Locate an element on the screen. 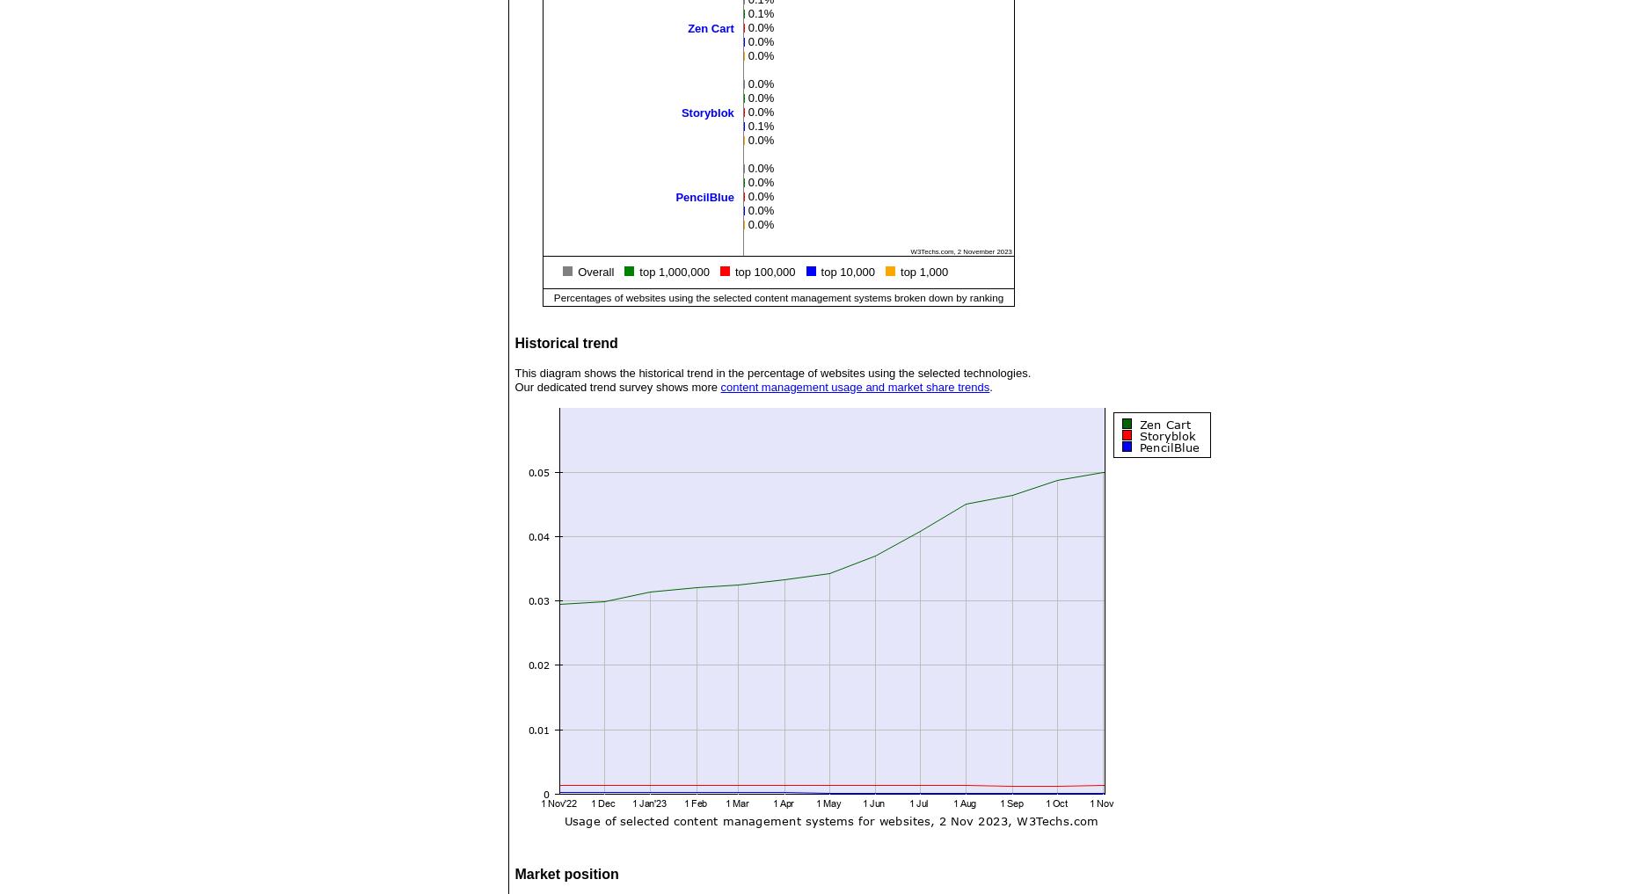  'Historical trend' is located at coordinates (565, 342).